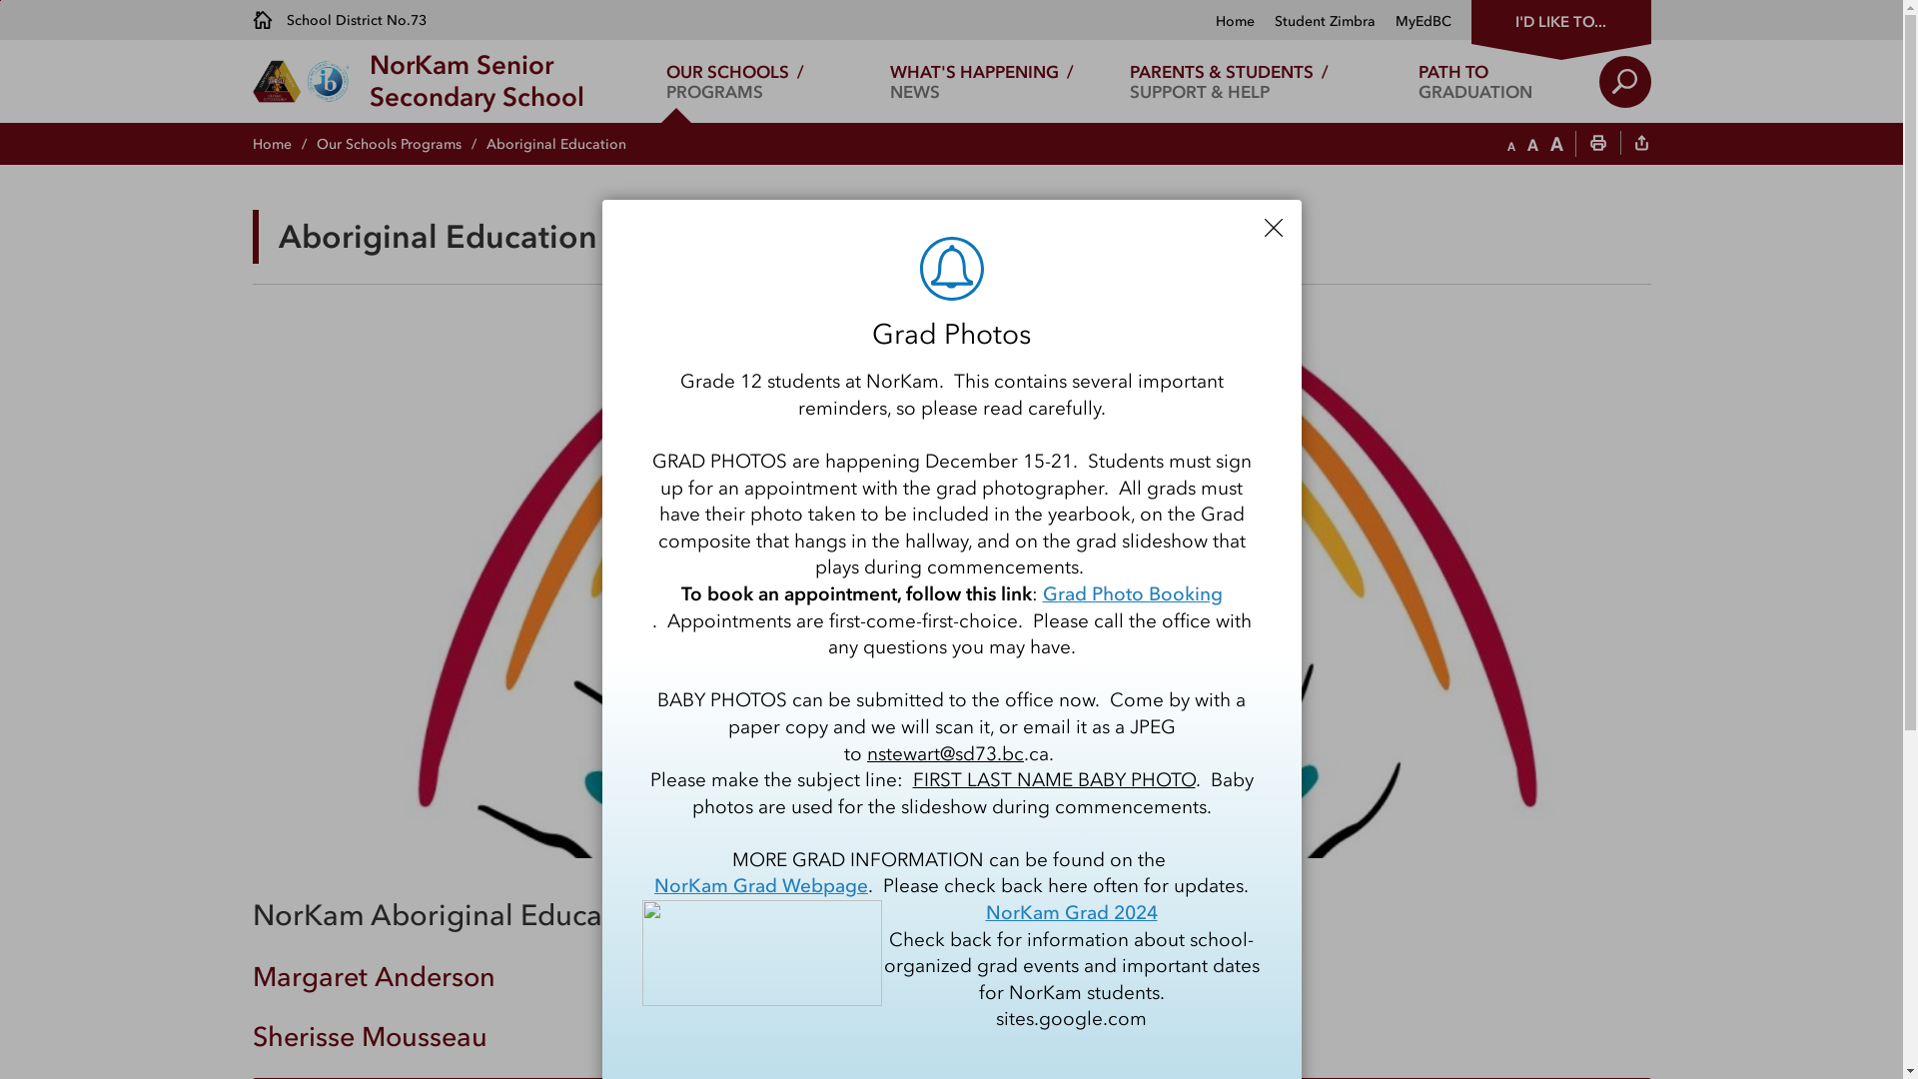 The width and height of the screenshot is (1918, 1079). What do you see at coordinates (1510, 144) in the screenshot?
I see `'Decrease text size'` at bounding box center [1510, 144].